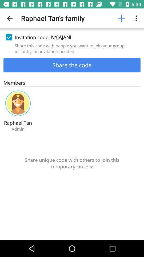 Image resolution: width=144 pixels, height=257 pixels. I want to click on the blue button which is above members, so click(72, 65).